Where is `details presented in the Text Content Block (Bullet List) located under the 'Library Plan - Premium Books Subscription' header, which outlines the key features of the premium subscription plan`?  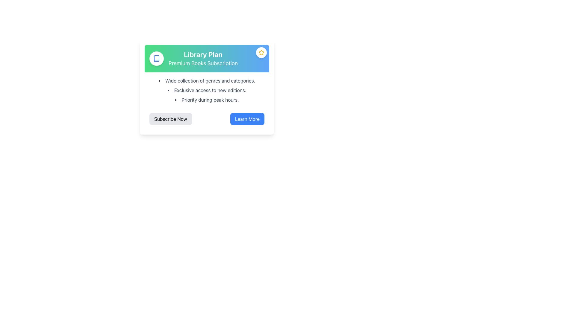 details presented in the Text Content Block (Bullet List) located under the 'Library Plan - Premium Books Subscription' header, which outlines the key features of the premium subscription plan is located at coordinates (207, 90).